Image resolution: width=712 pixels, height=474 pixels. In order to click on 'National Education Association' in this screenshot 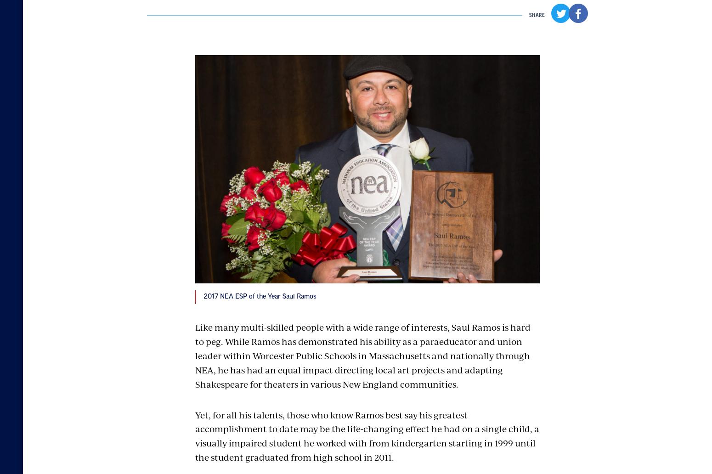, I will do `click(171, 350)`.